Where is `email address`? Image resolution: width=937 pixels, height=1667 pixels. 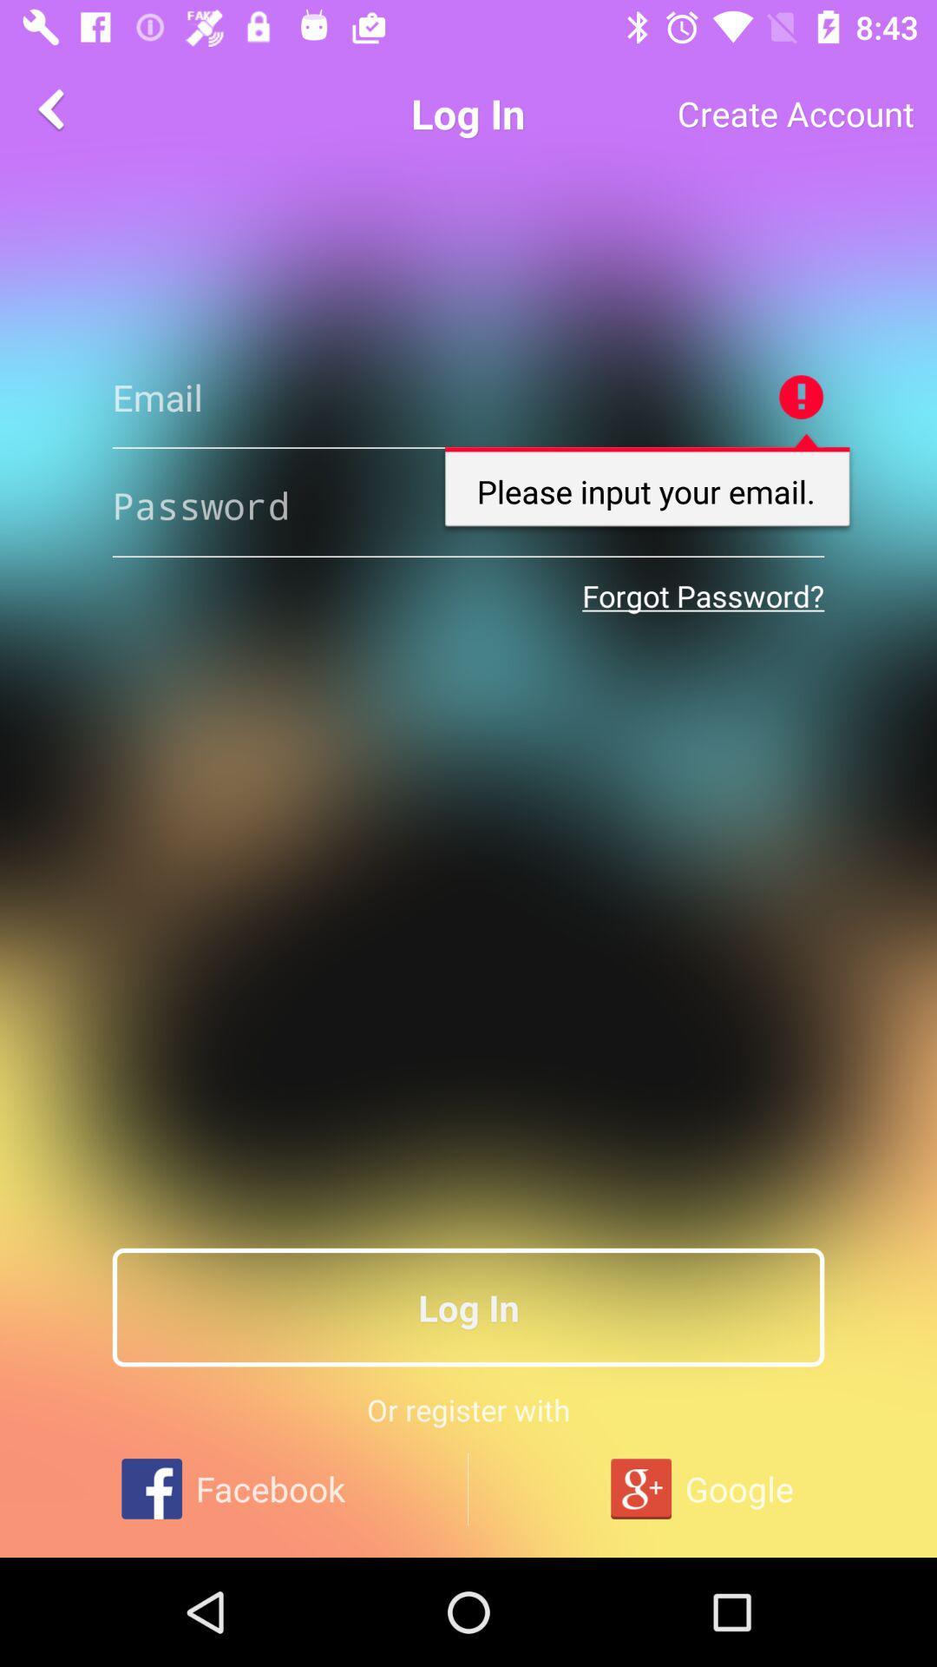
email address is located at coordinates (468, 396).